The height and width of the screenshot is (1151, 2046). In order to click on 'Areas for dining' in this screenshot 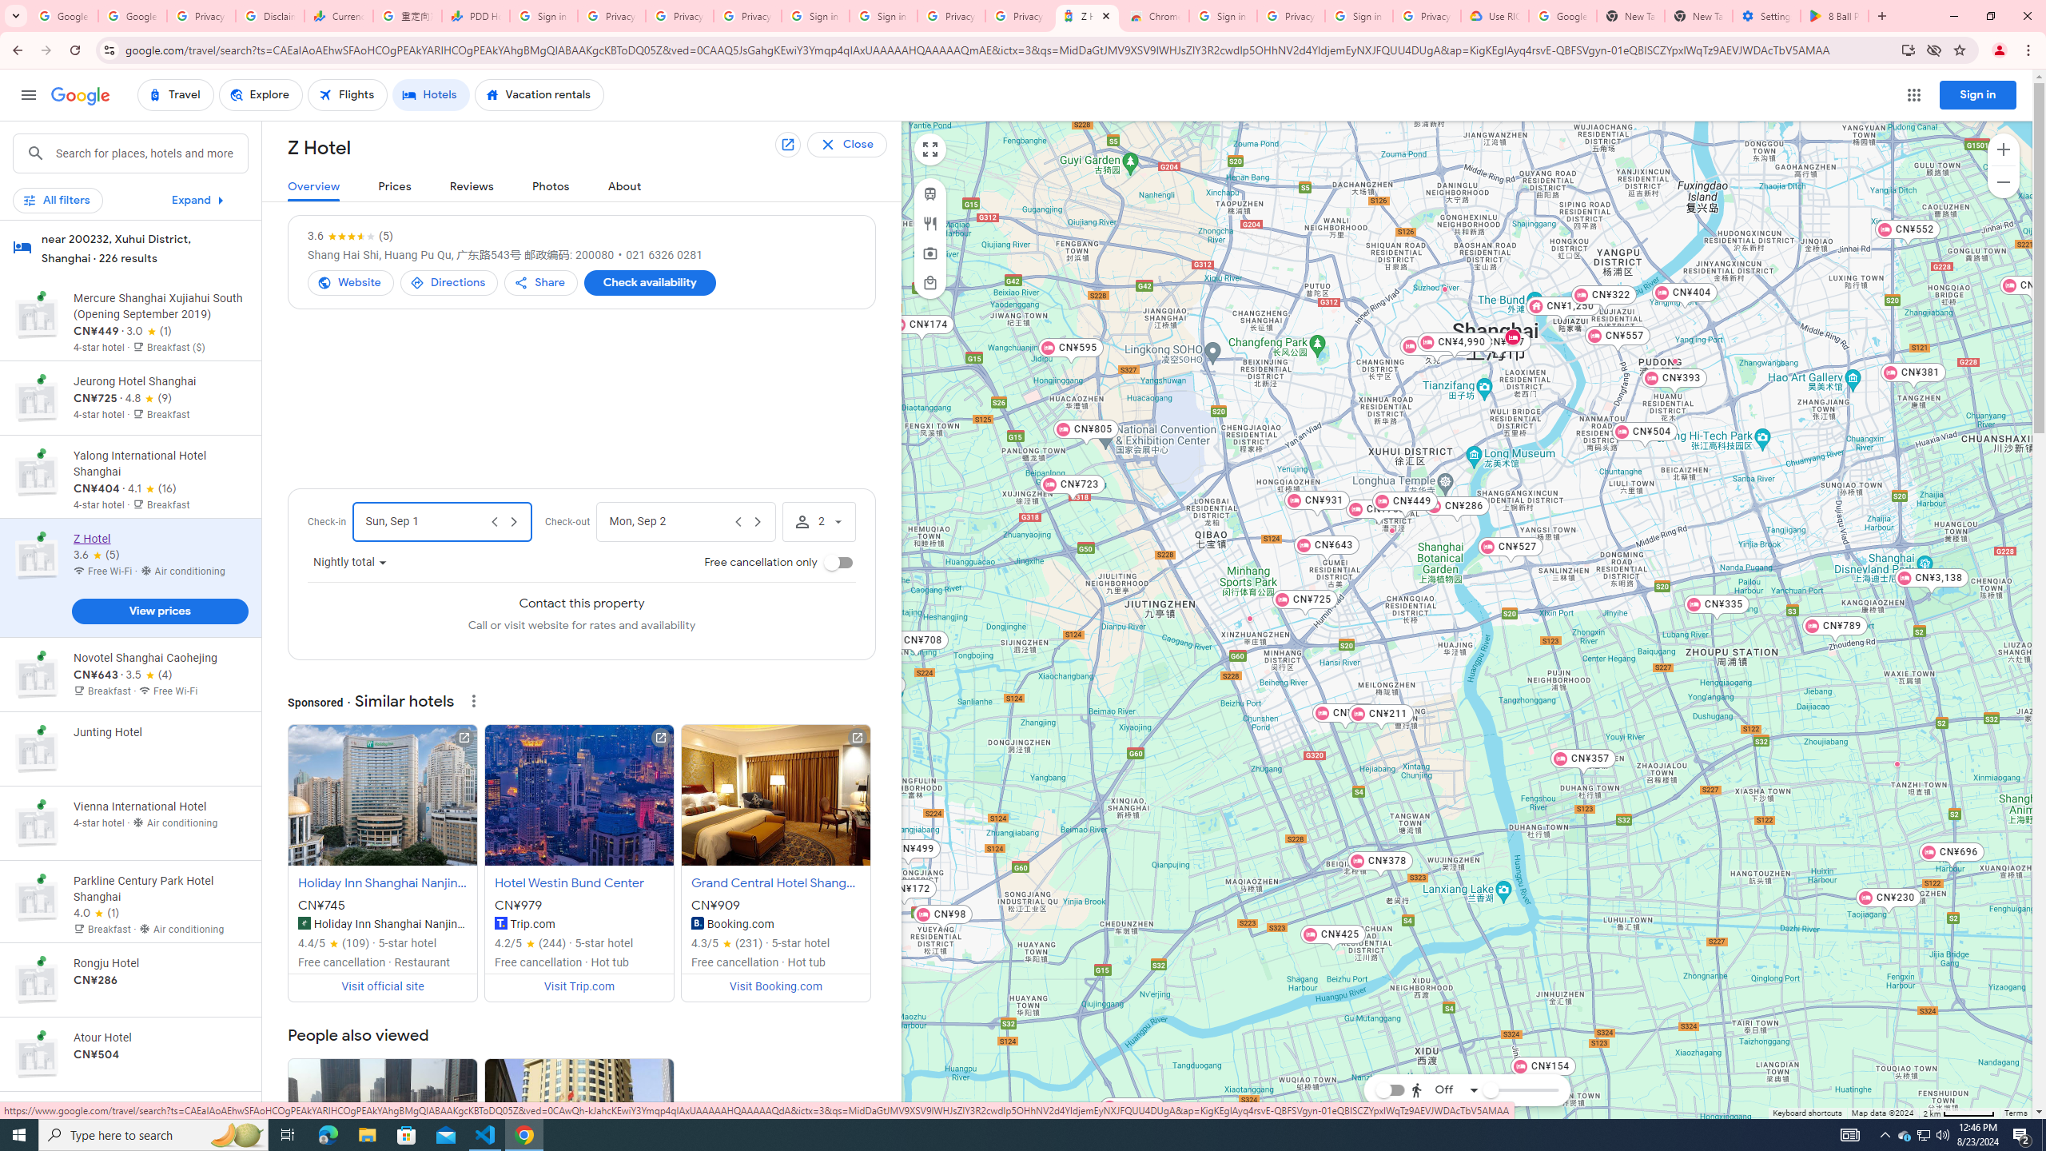, I will do `click(929, 223)`.